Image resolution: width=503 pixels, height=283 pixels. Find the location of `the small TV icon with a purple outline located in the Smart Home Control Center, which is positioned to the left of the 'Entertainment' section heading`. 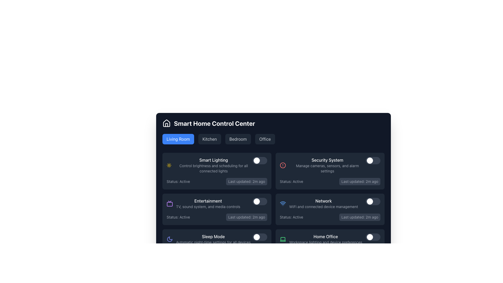

the small TV icon with a purple outline located in the Smart Home Control Center, which is positioned to the left of the 'Entertainment' section heading is located at coordinates (170, 203).